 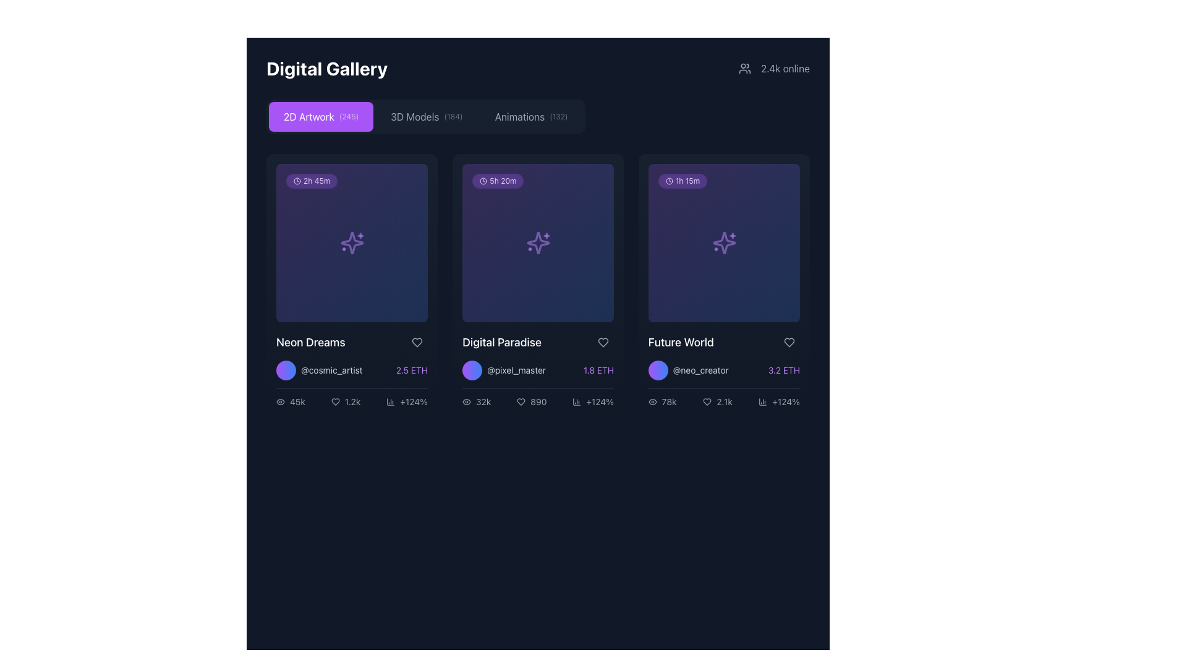 What do you see at coordinates (662, 402) in the screenshot?
I see `the label displaying the number of views on the bottom-left corner of the 'Future World' card, which is the first component in a metrics group that includes likes and growth` at bounding box center [662, 402].